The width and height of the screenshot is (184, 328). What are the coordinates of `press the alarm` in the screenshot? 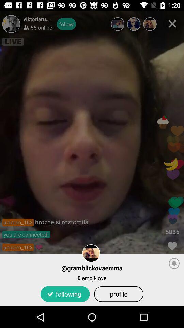 It's located at (174, 263).